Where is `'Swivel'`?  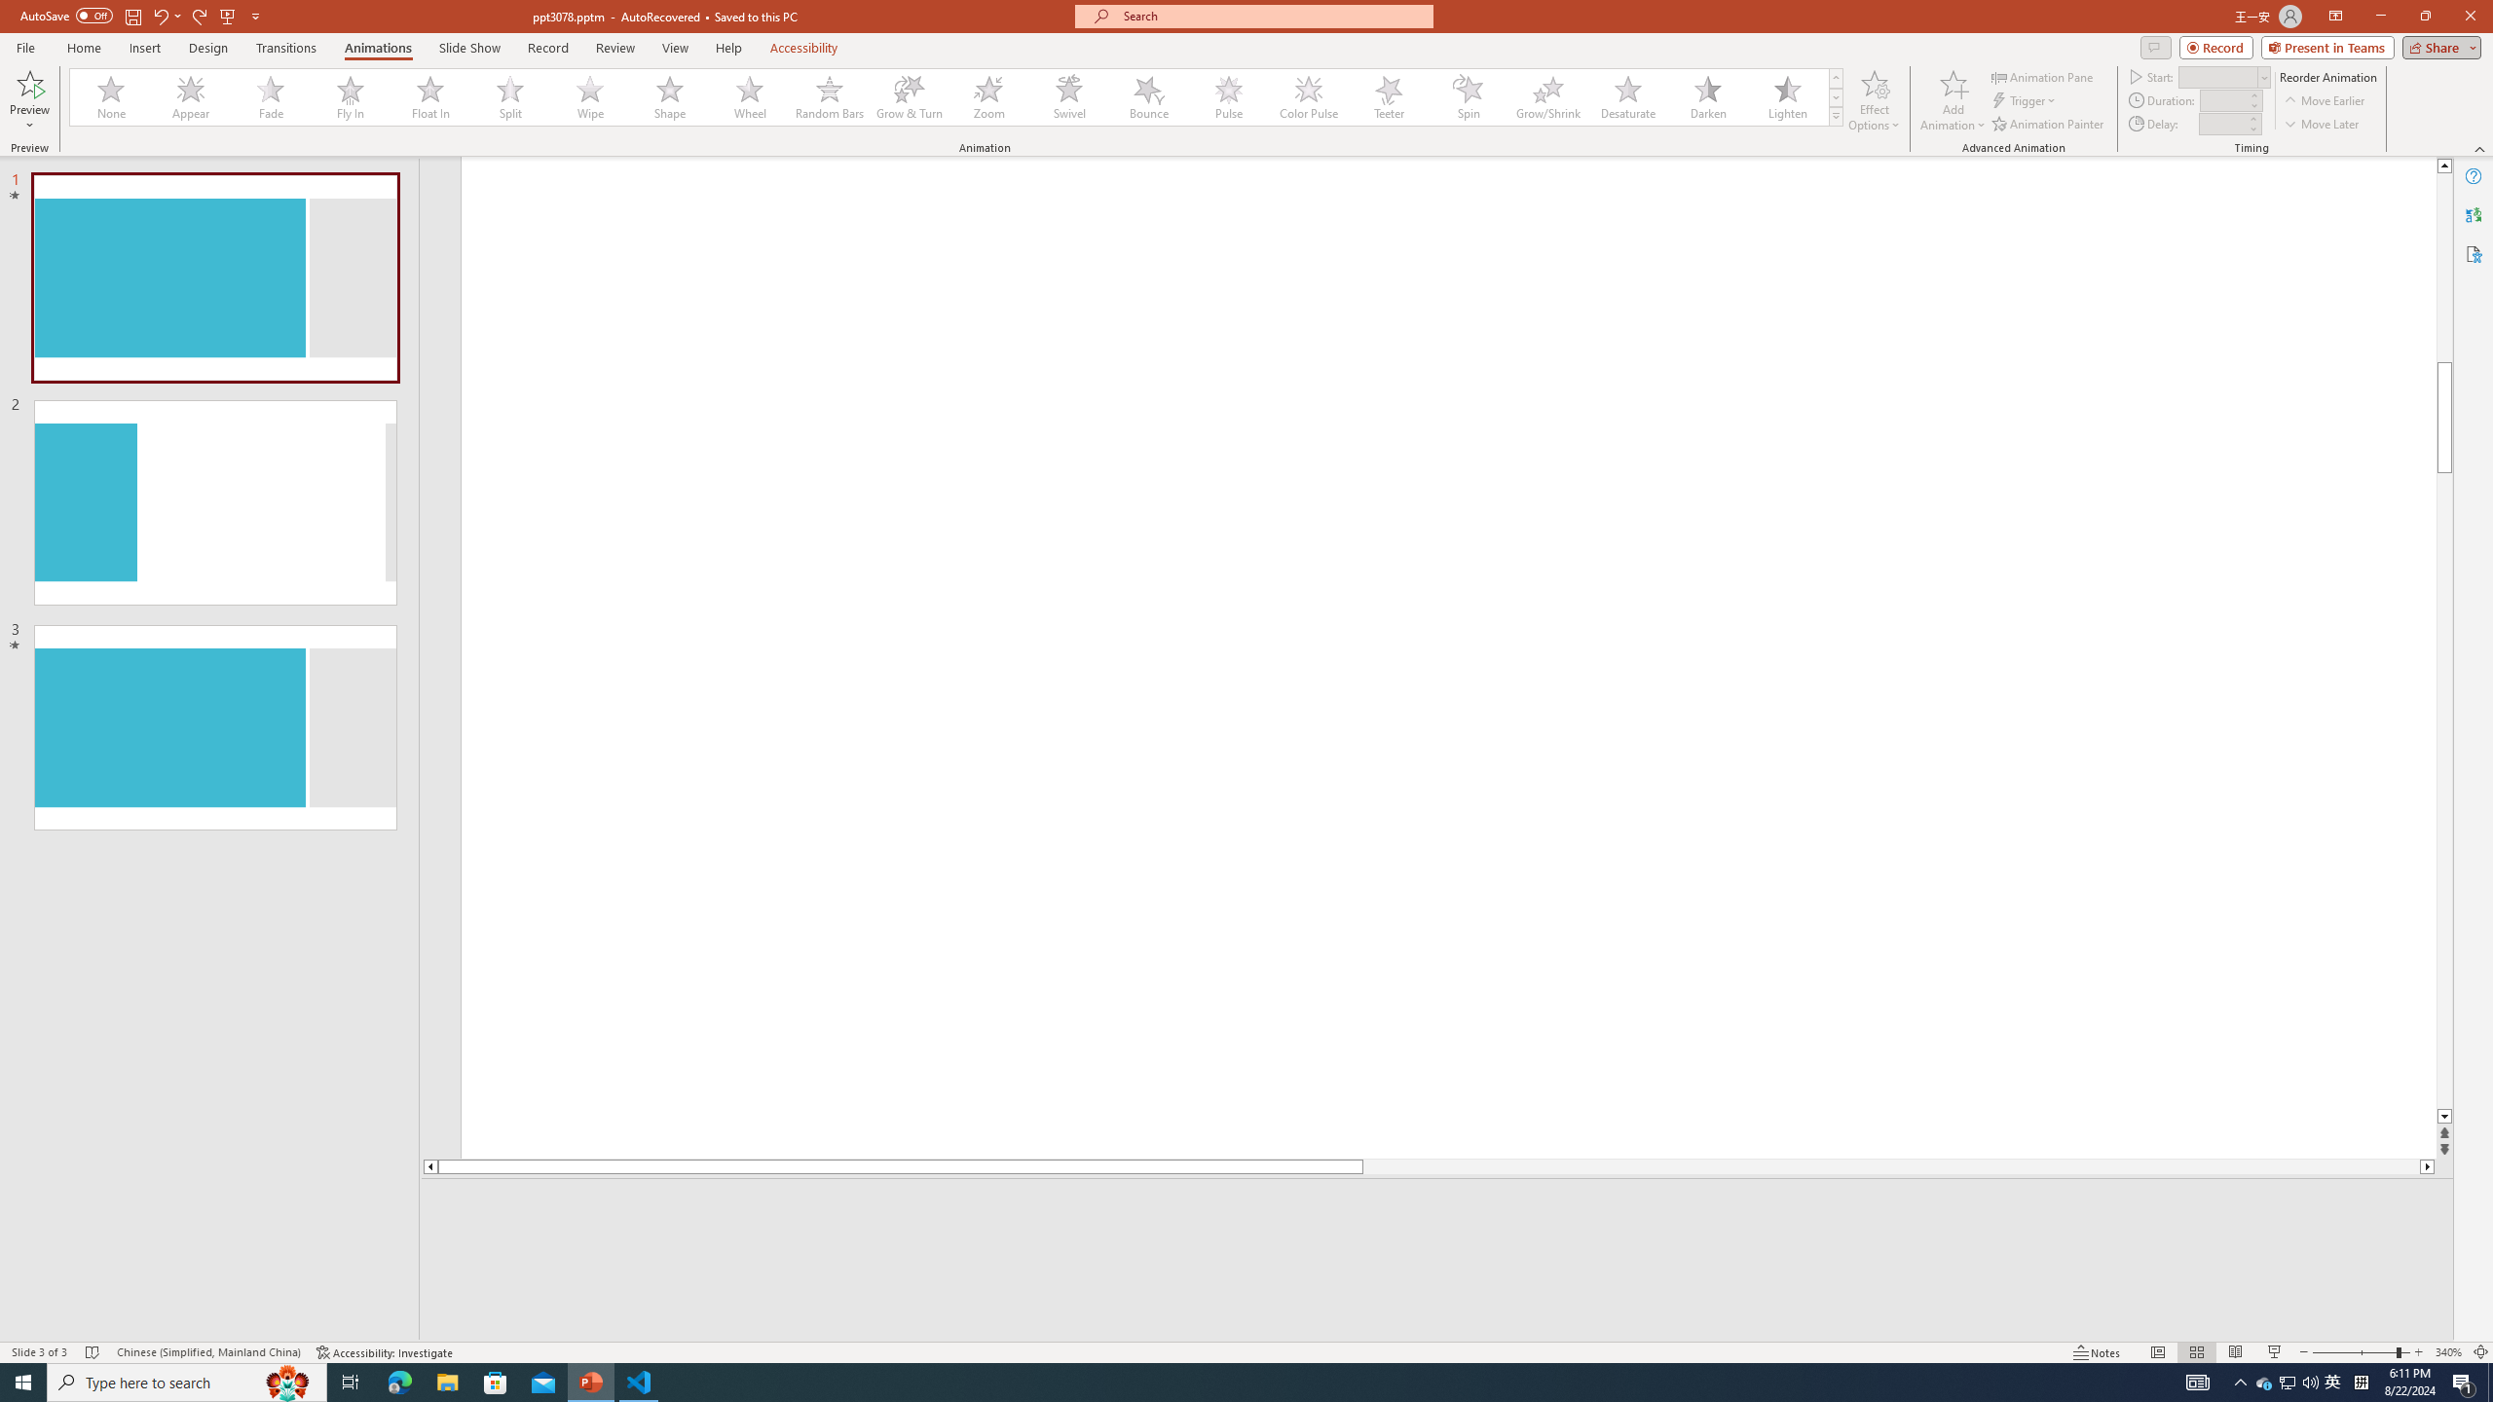 'Swivel' is located at coordinates (1068, 96).